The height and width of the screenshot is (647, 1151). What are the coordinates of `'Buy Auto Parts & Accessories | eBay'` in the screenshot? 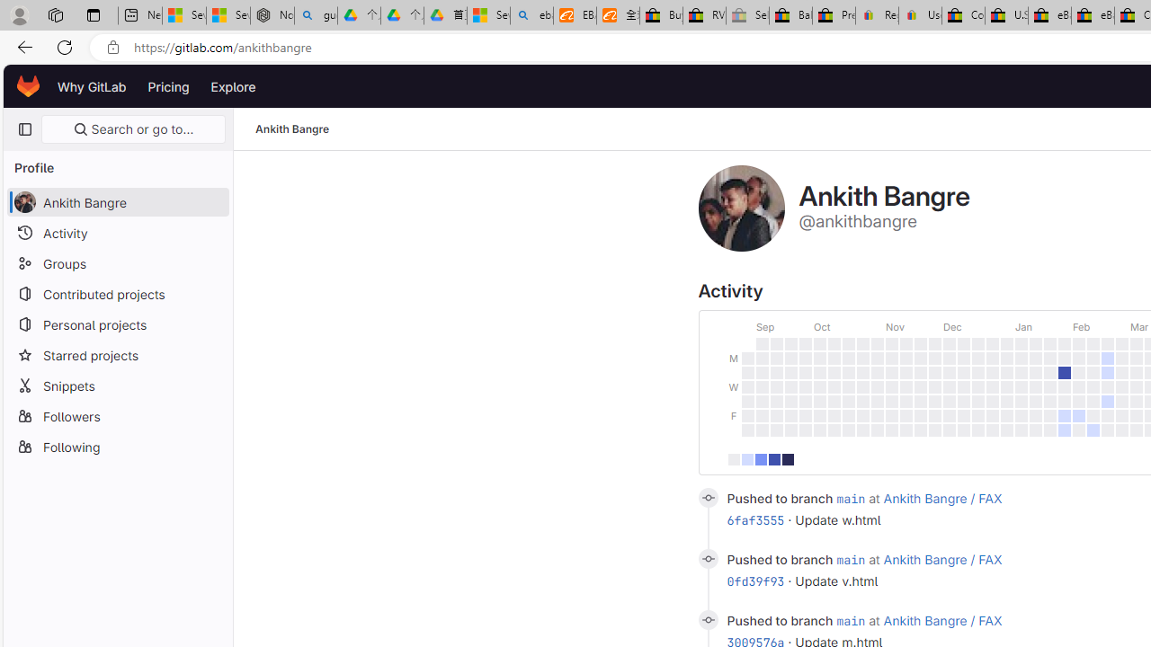 It's located at (660, 15).